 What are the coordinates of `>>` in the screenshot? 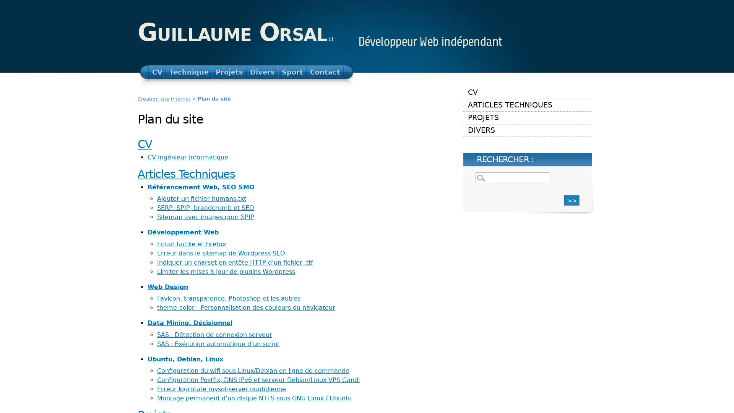 It's located at (572, 200).